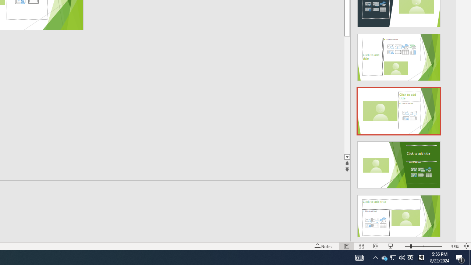 The width and height of the screenshot is (471, 265). I want to click on 'Zoom', so click(423, 246).